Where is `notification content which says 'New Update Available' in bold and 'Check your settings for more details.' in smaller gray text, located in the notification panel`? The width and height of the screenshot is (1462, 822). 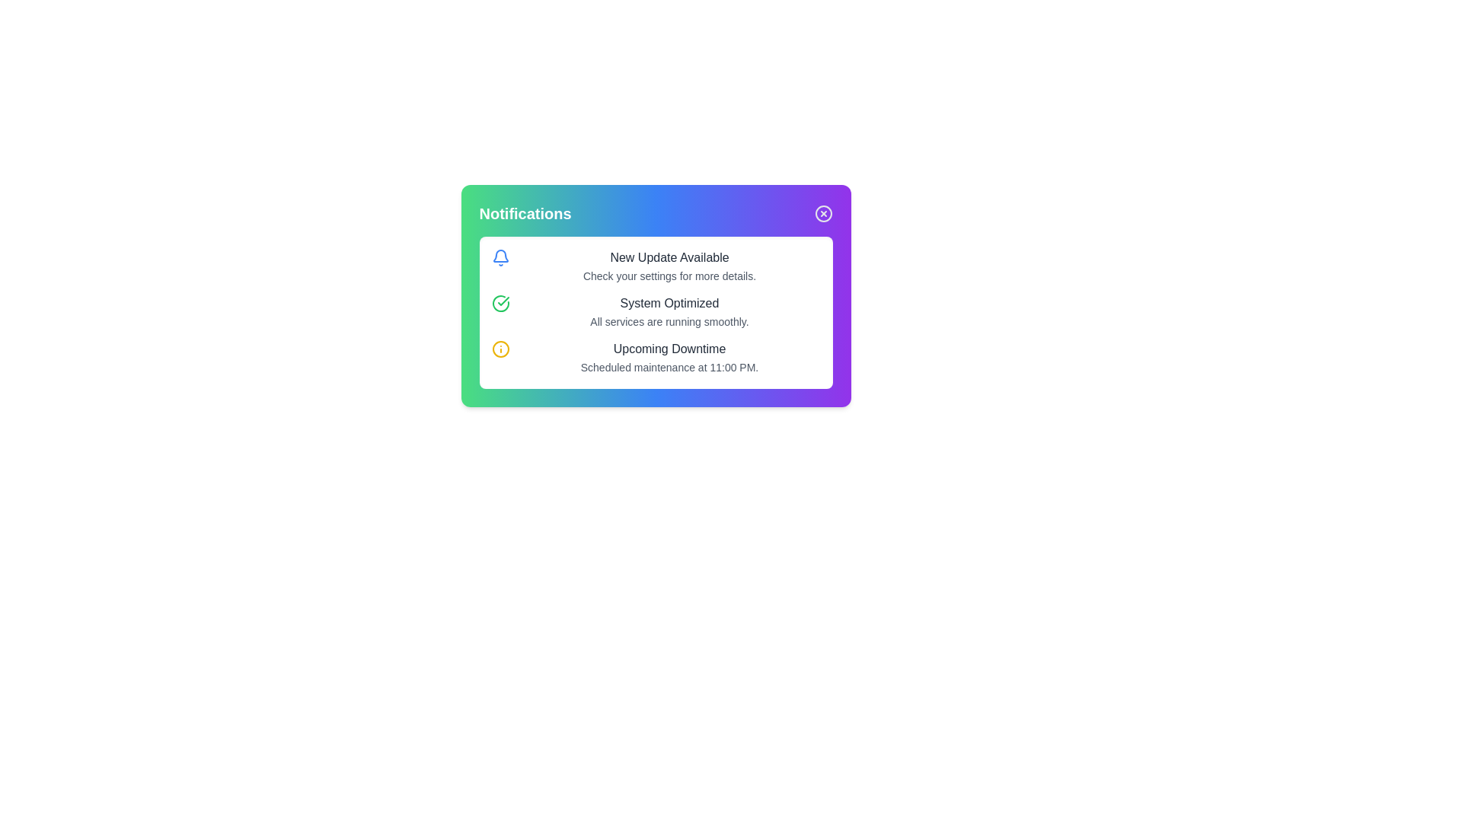 notification content which says 'New Update Available' in bold and 'Check your settings for more details.' in smaller gray text, located in the notification panel is located at coordinates (669, 266).